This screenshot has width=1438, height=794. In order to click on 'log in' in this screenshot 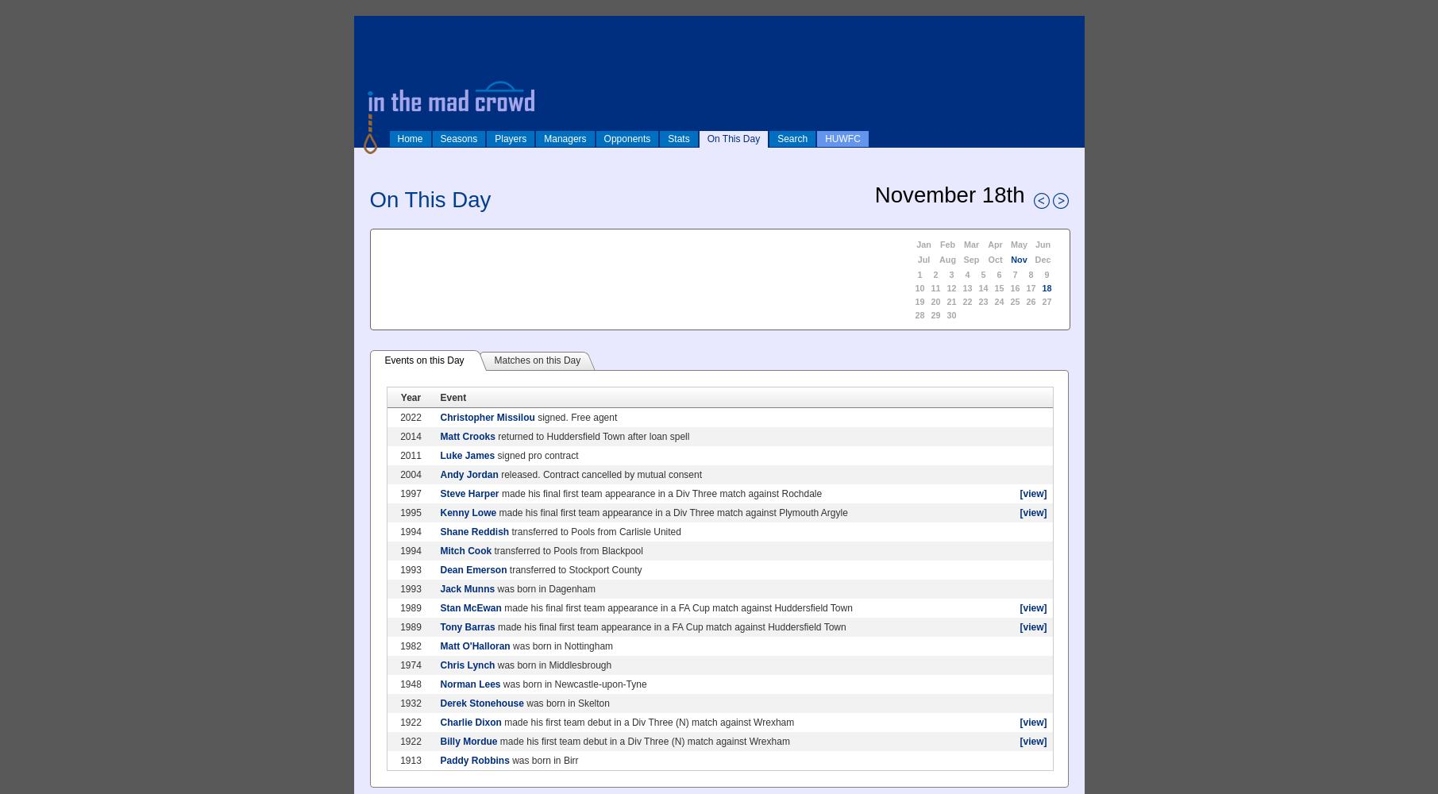, I will do `click(369, 25)`.